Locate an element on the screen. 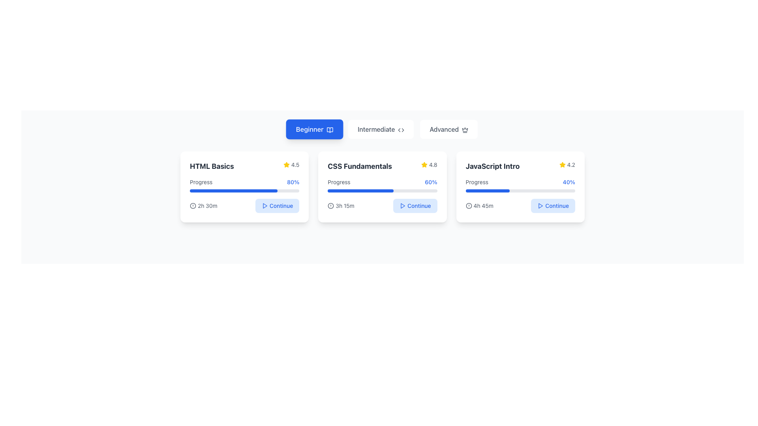 Image resolution: width=758 pixels, height=426 pixels. the average rating display text '4.5' located at the top-right corner of the 'HTML Basics' card, which is aligned closely to the right of the yellow star icon is located at coordinates (295, 164).